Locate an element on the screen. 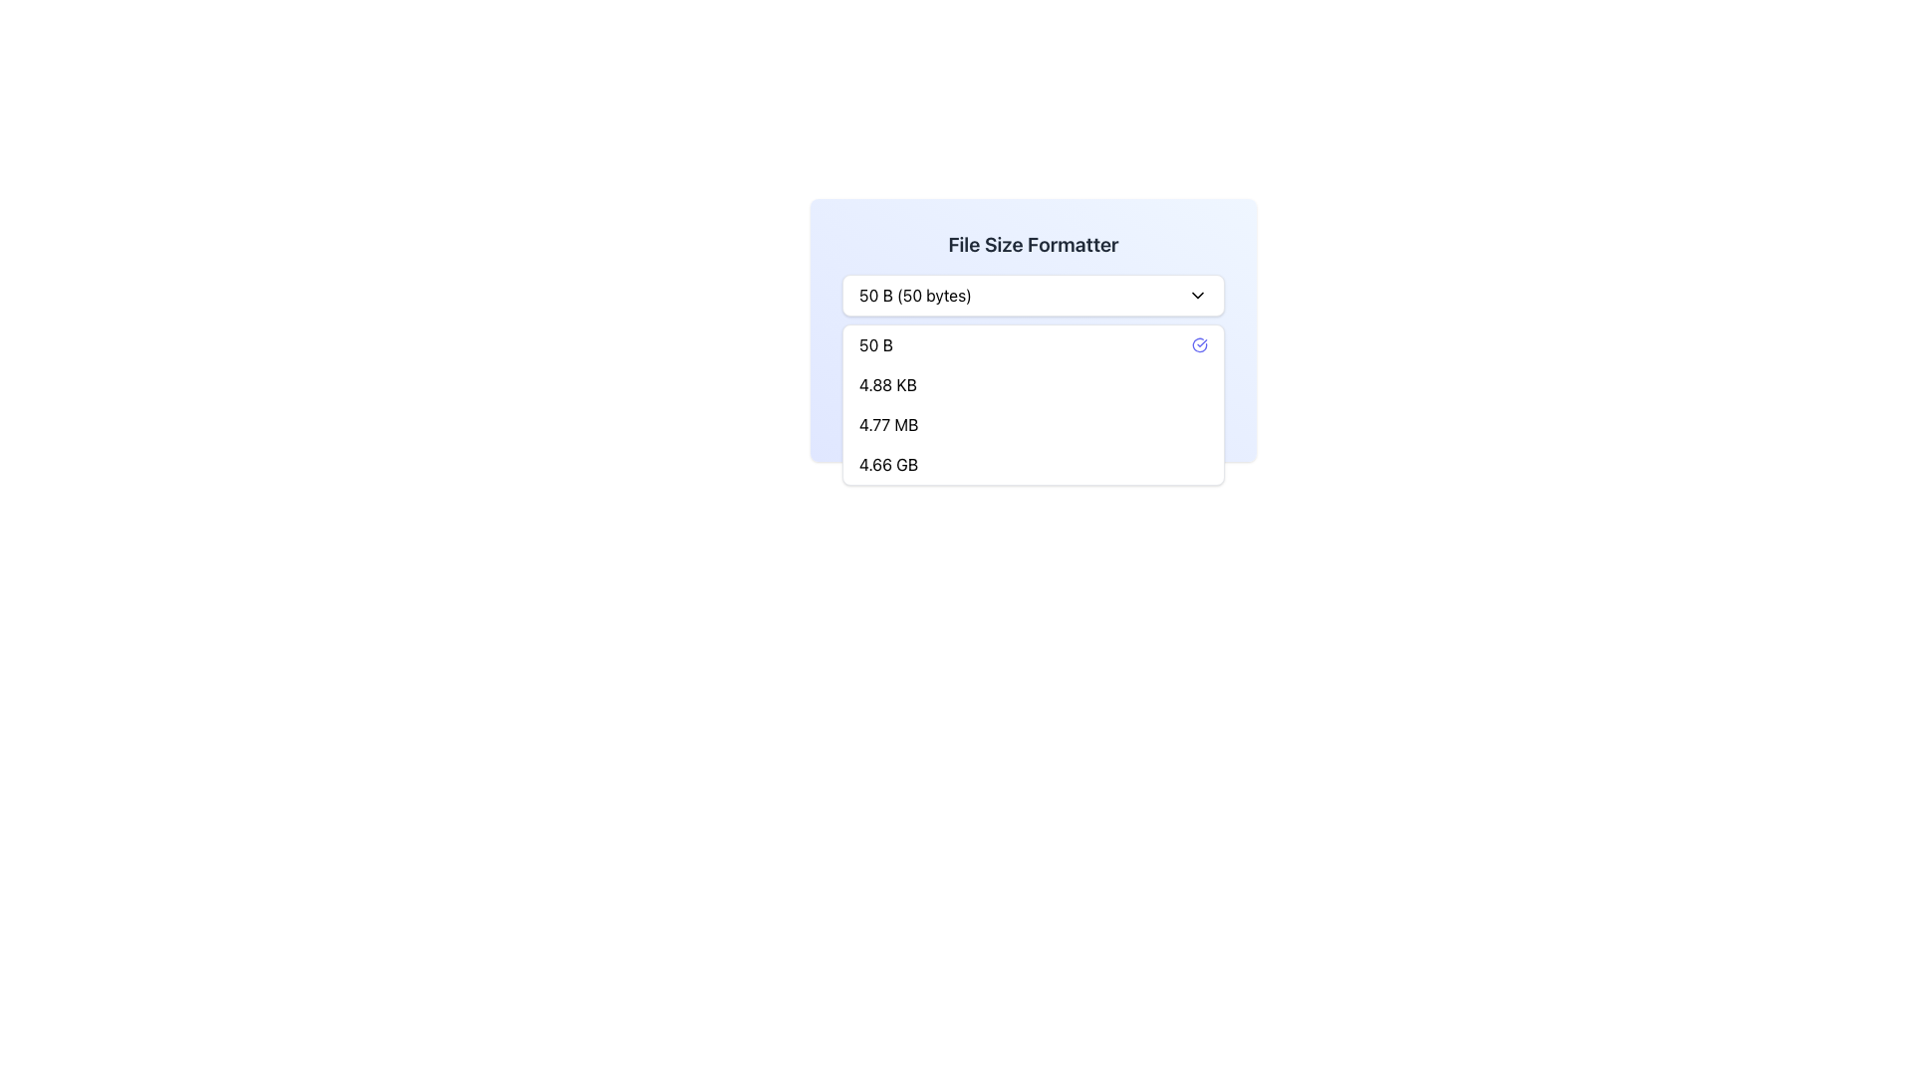  the text element '50 B' in the dropdown menu is located at coordinates (875, 344).